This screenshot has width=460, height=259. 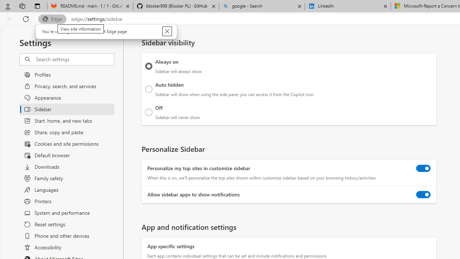 What do you see at coordinates (348, 6) in the screenshot?
I see `'LinkedIn'` at bounding box center [348, 6].